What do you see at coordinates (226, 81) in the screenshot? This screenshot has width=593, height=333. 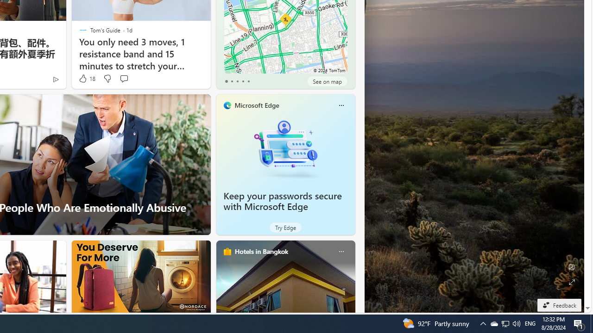 I see `'tab-0'` at bounding box center [226, 81].